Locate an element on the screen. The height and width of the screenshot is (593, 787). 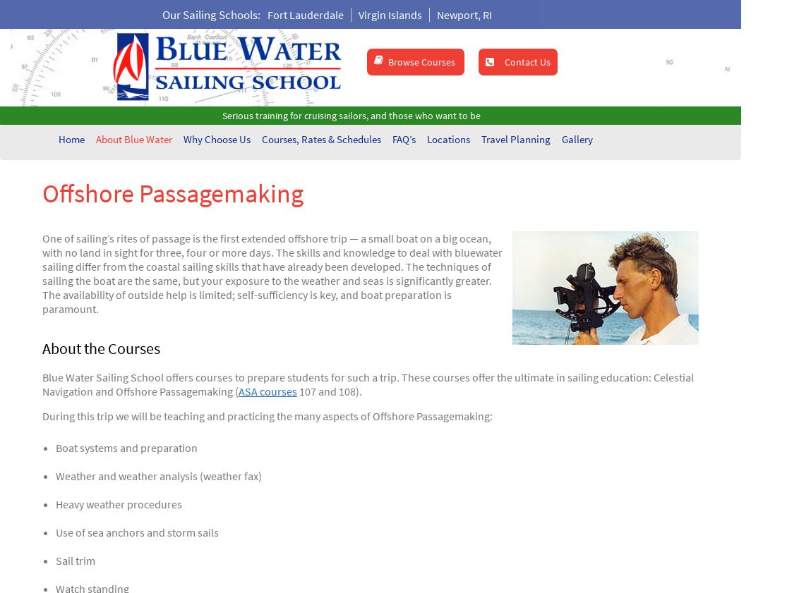
'Travel Planning' is located at coordinates (515, 138).